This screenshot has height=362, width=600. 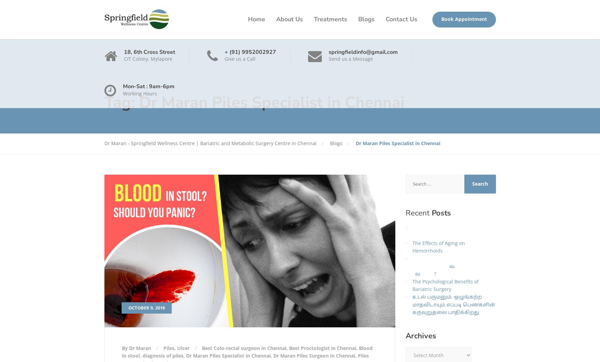 What do you see at coordinates (401, 19) in the screenshot?
I see `'Contact Us'` at bounding box center [401, 19].